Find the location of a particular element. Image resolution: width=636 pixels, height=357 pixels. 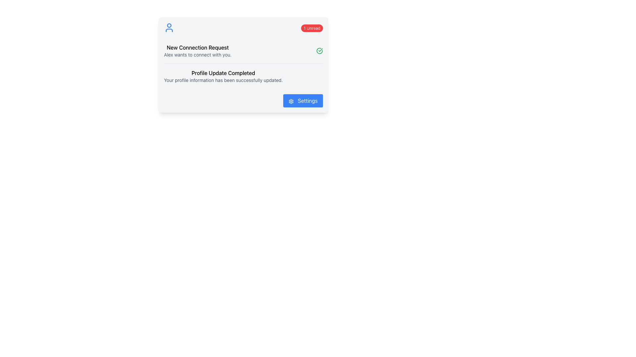

the text block displaying 'Alex wants to connect with you.', which is styled in small light gray font and located beneath the bold heading 'New Connection Request' in the notification card is located at coordinates (197, 54).